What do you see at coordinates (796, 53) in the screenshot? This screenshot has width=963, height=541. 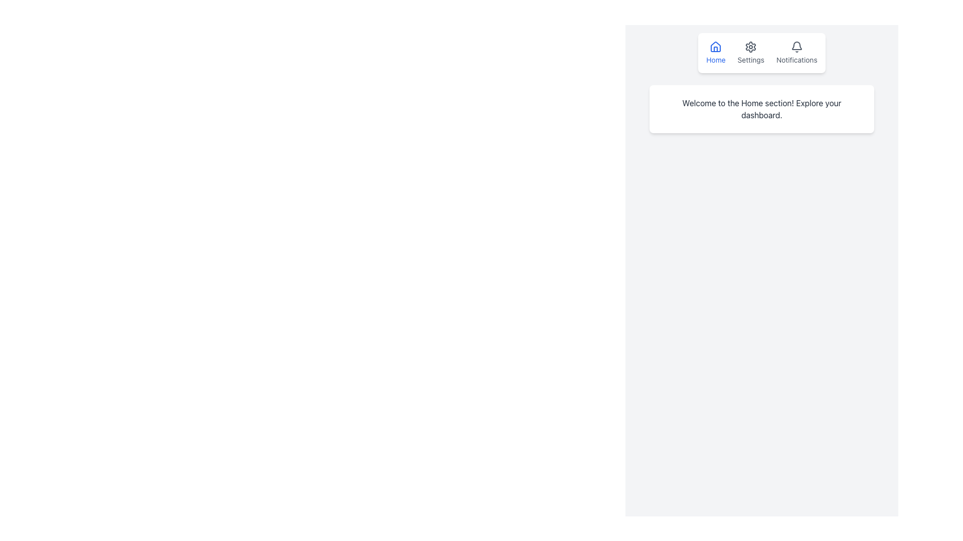 I see `the 'Notifications' navigation button, which features a bell icon and the text 'Notifications' beneath it, located at the far-right of the navigation bar` at bounding box center [796, 53].